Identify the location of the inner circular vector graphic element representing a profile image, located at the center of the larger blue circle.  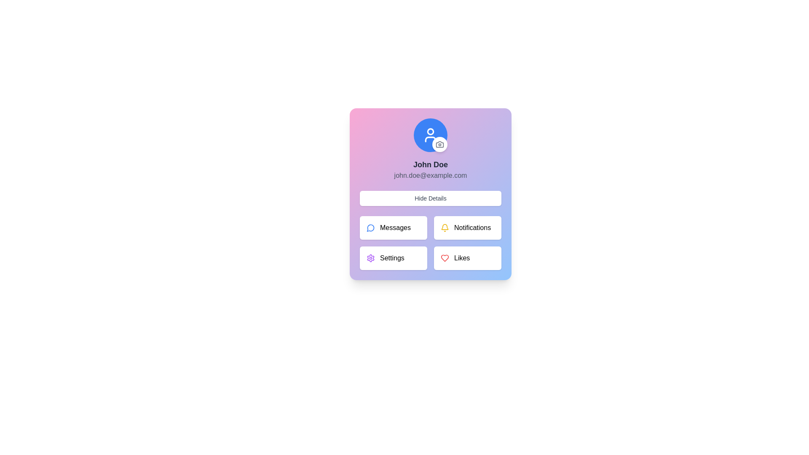
(430, 131).